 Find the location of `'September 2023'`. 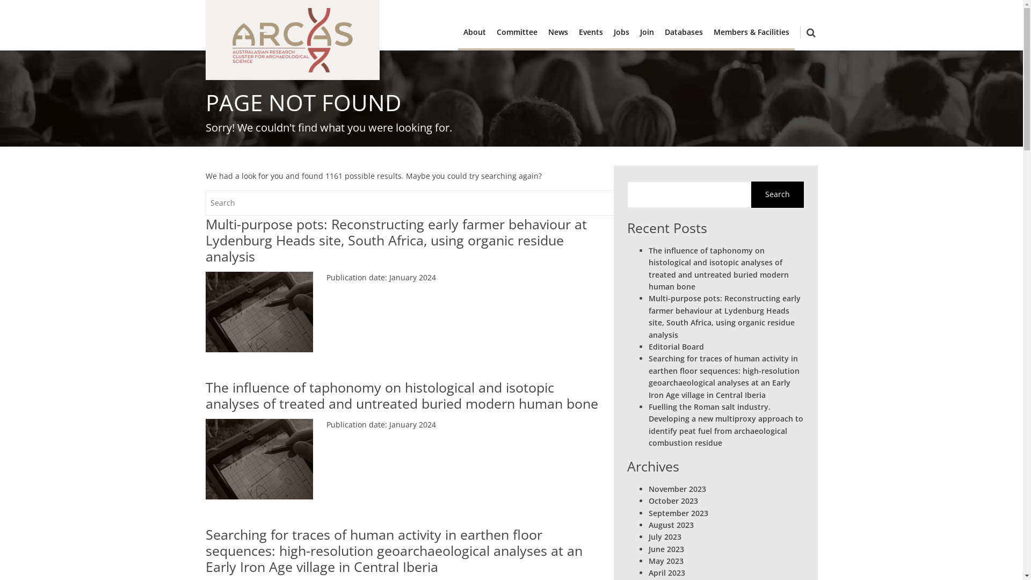

'September 2023' is located at coordinates (678, 512).